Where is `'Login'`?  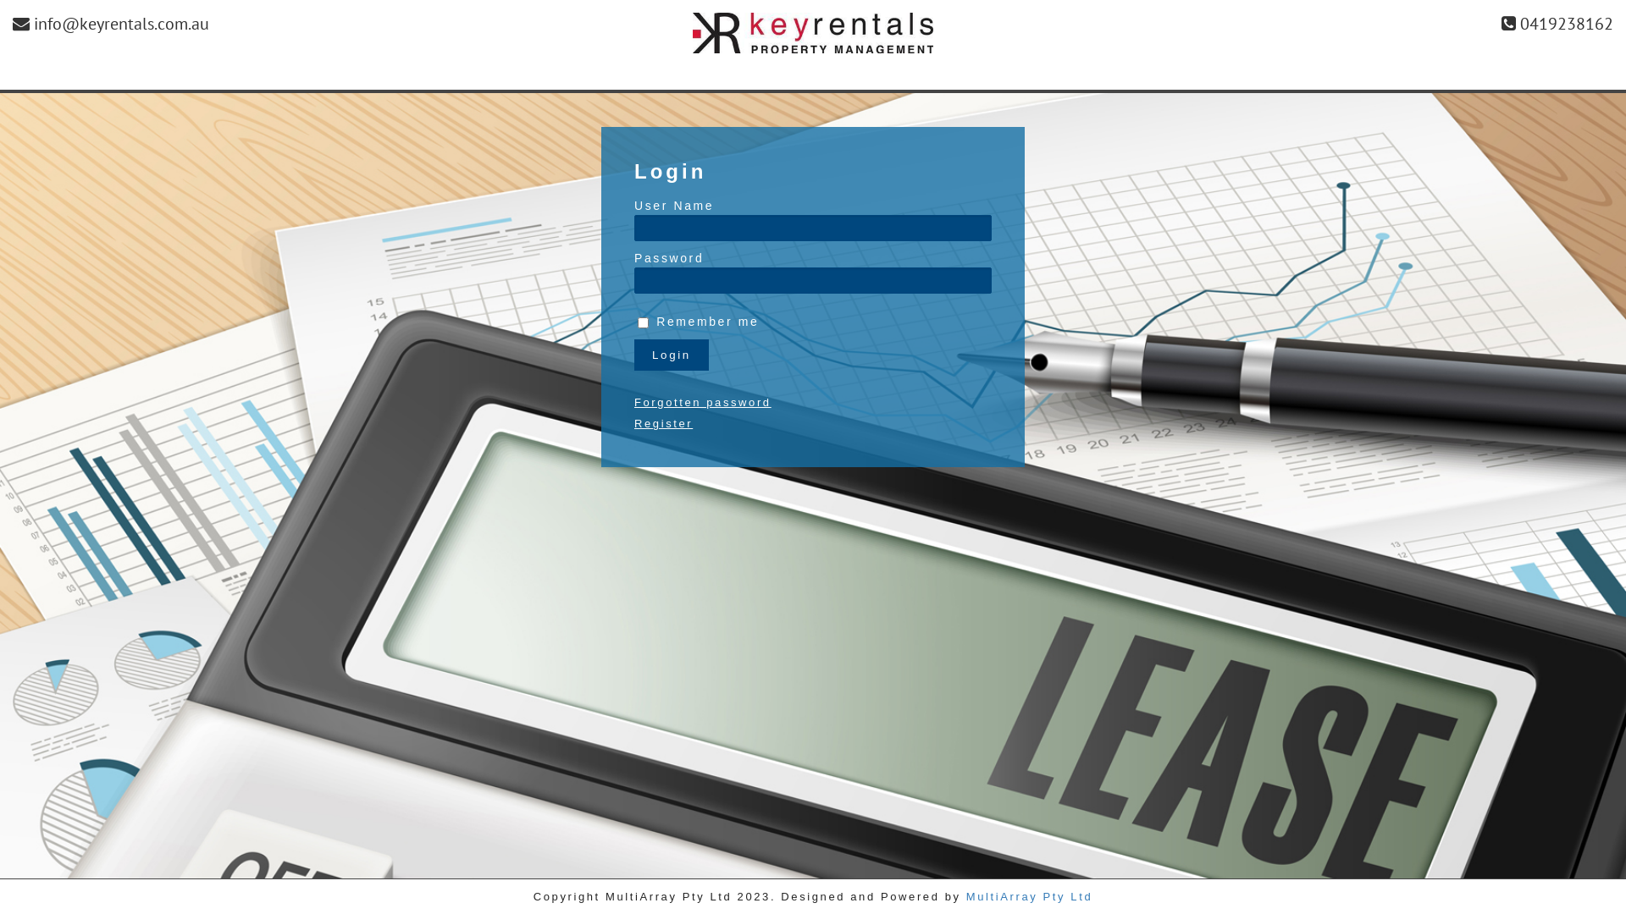
'Login' is located at coordinates (670, 354).